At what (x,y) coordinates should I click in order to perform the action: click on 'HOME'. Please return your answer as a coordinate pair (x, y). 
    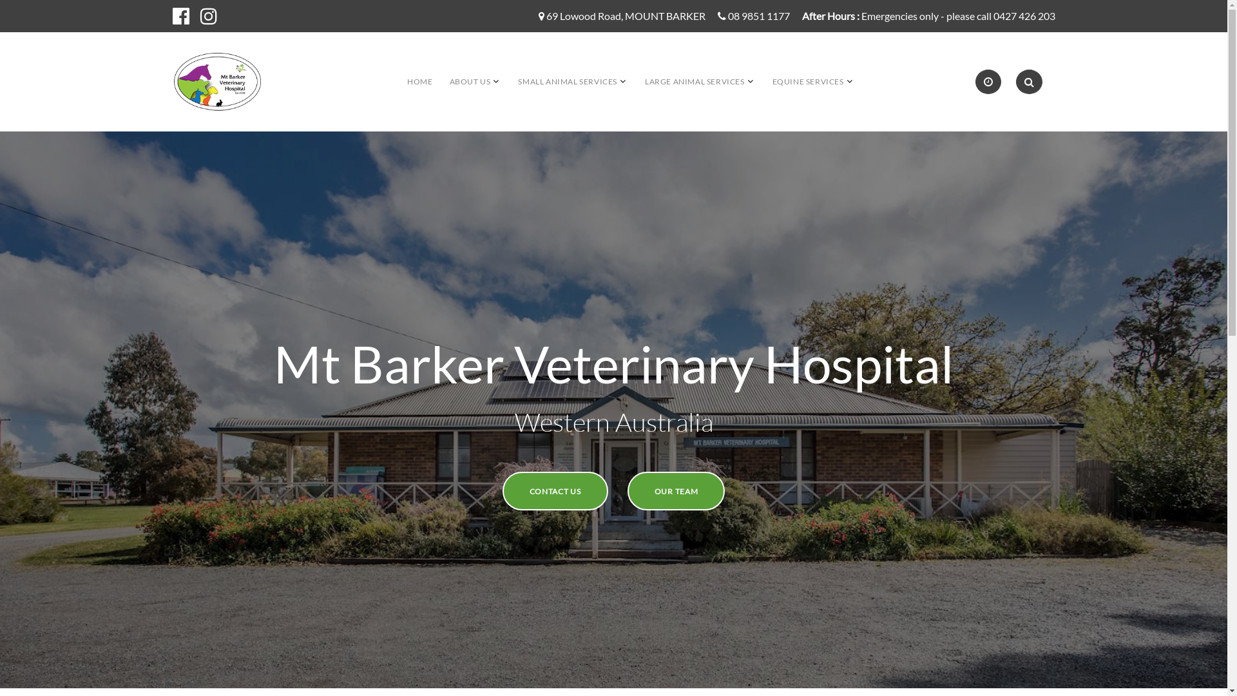
    Looking at the image, I should click on (419, 81).